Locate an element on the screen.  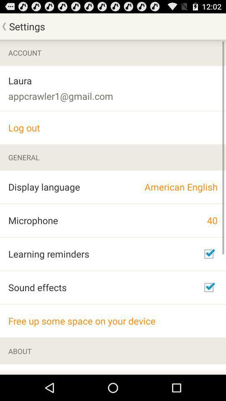
the 5 6 2 item is located at coordinates (46, 369).